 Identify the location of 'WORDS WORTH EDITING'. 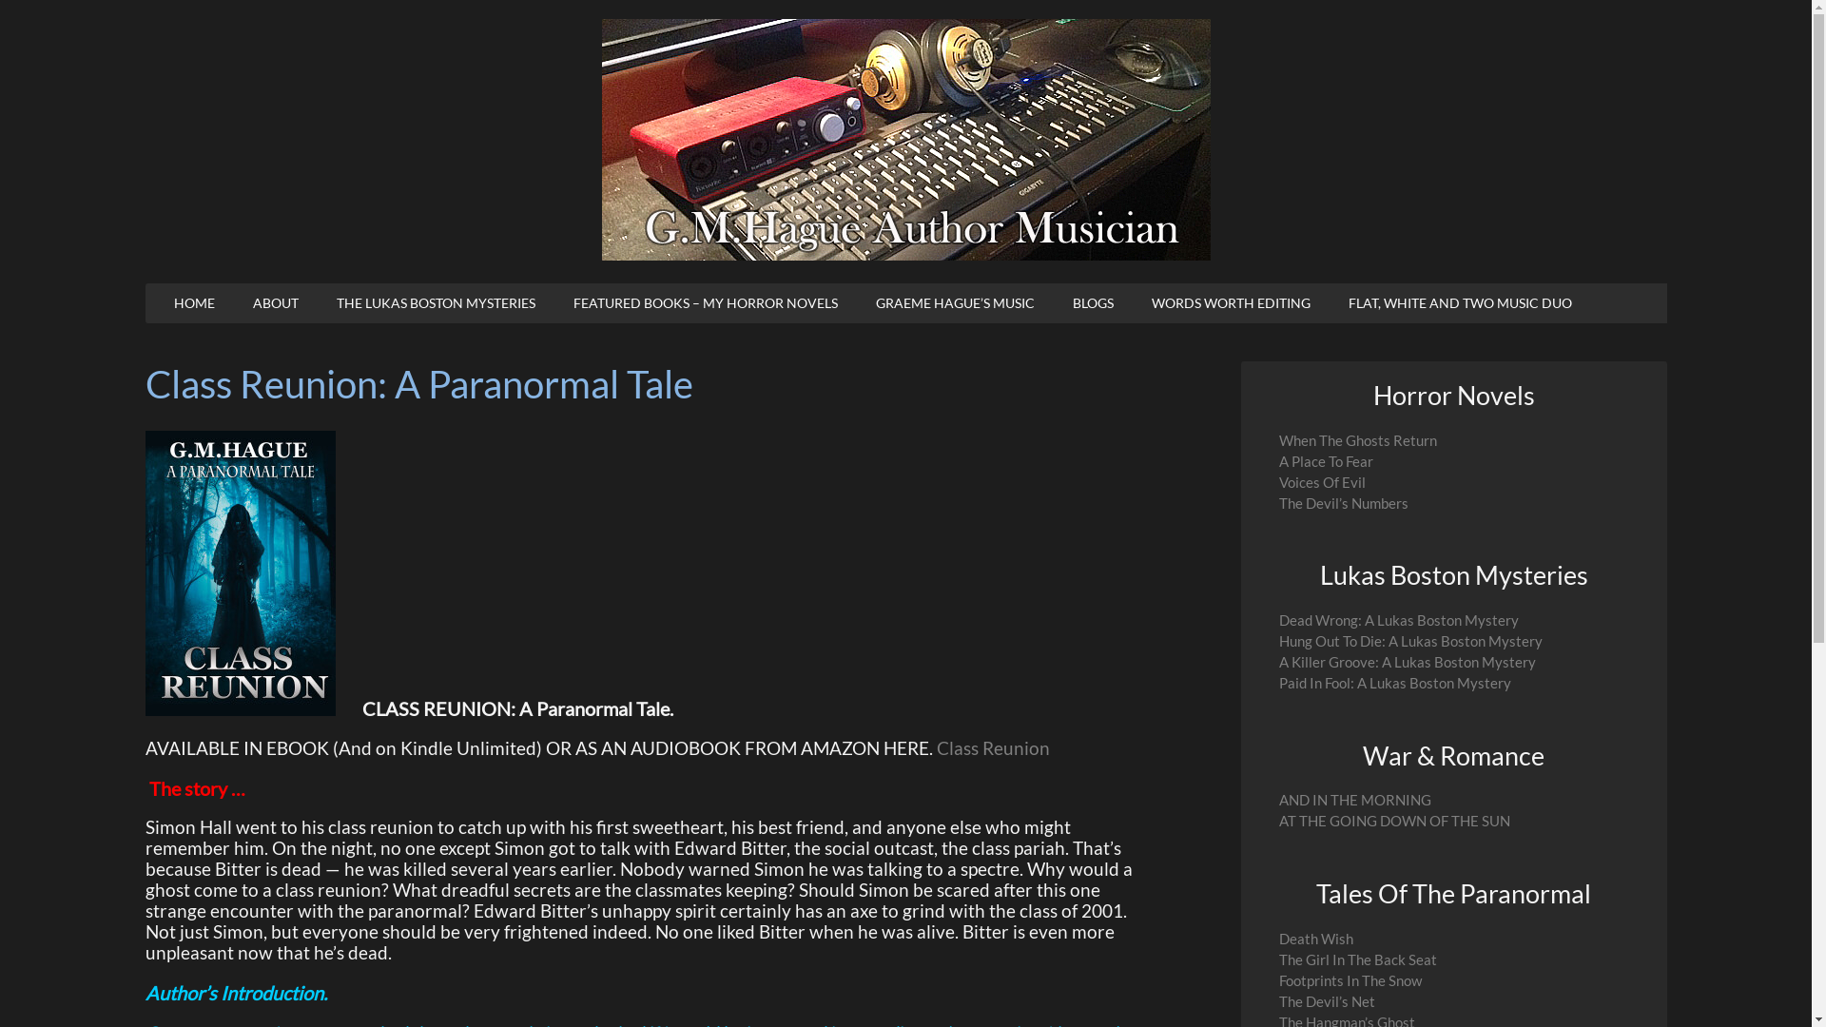
(1230, 302).